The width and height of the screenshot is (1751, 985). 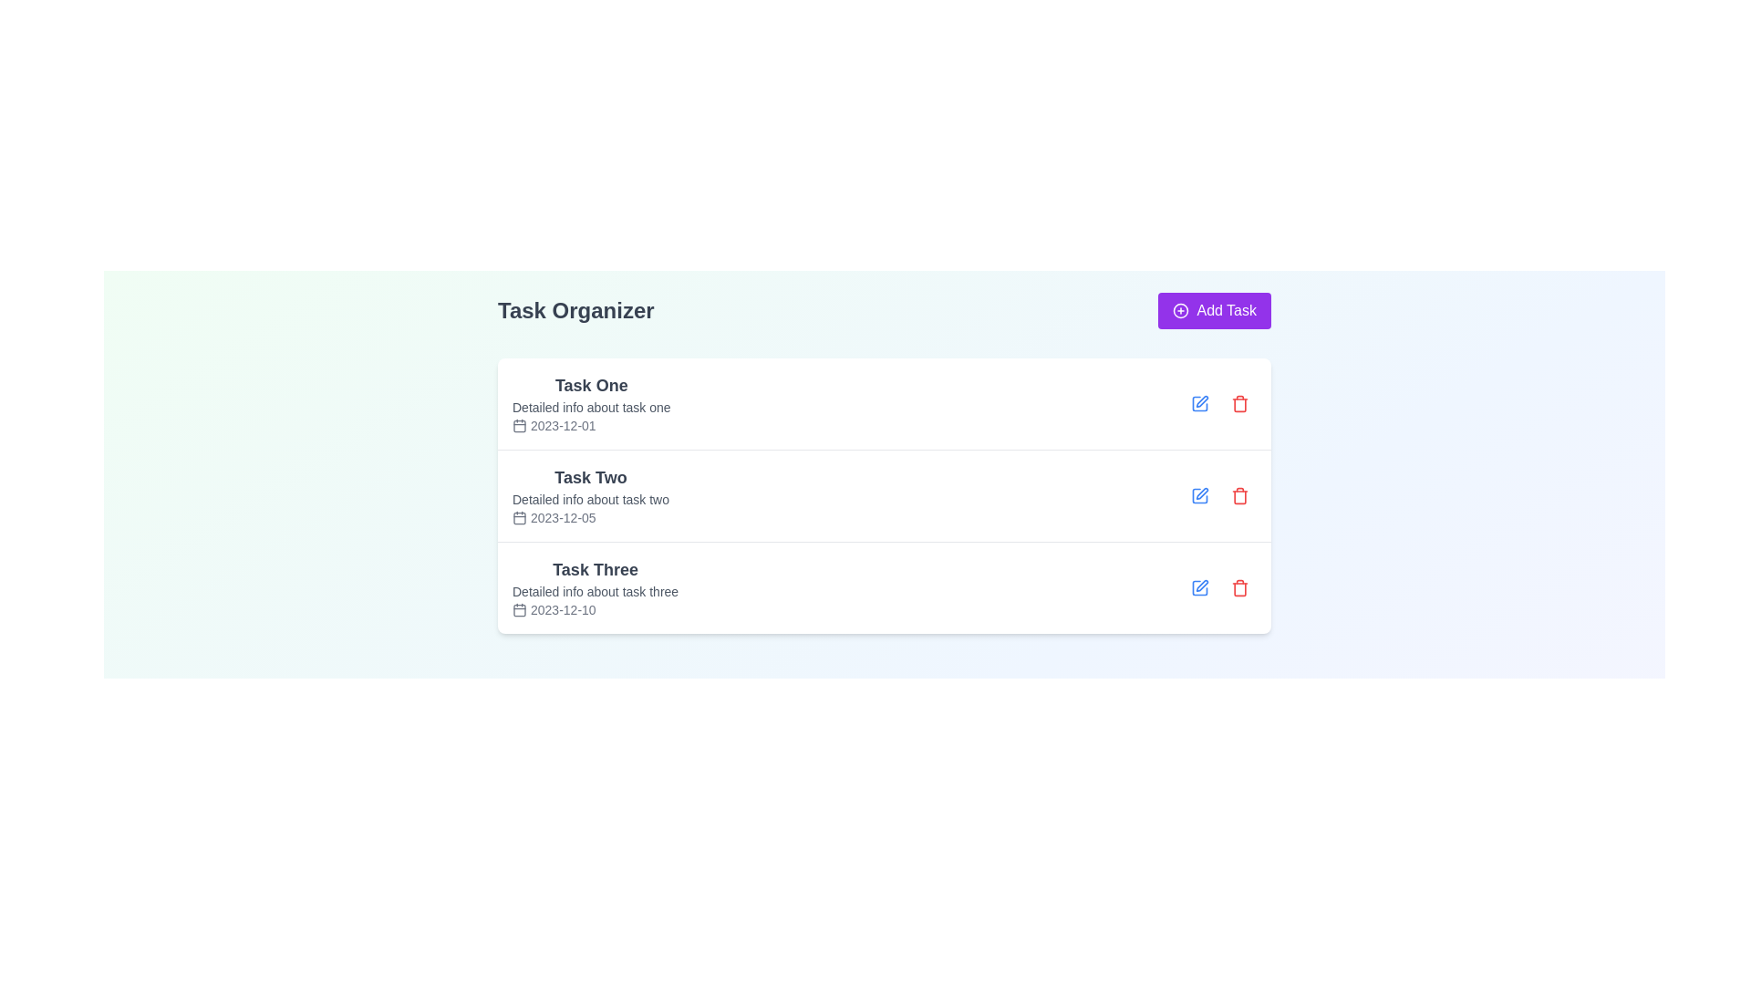 I want to click on the graphical SVG rectangle with rounded corners that is part of the calendar icon preceding the third task in the task organizer, so click(x=519, y=609).